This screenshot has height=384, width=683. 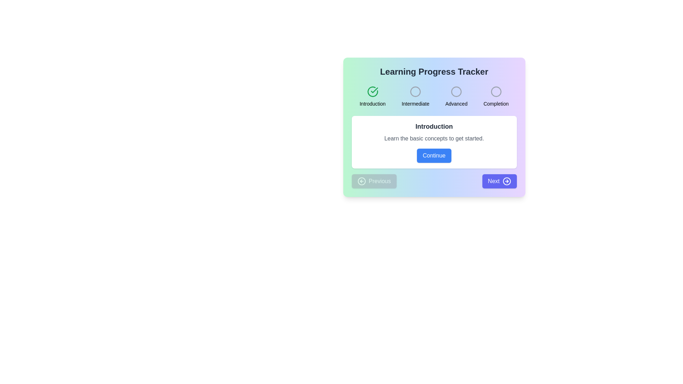 I want to click on the circular UI indicator with a gray border located above the 'Advanced' label in the 'Learning Progress Tracker' interface, specifically the third circle in a sequence of four, so click(x=456, y=91).